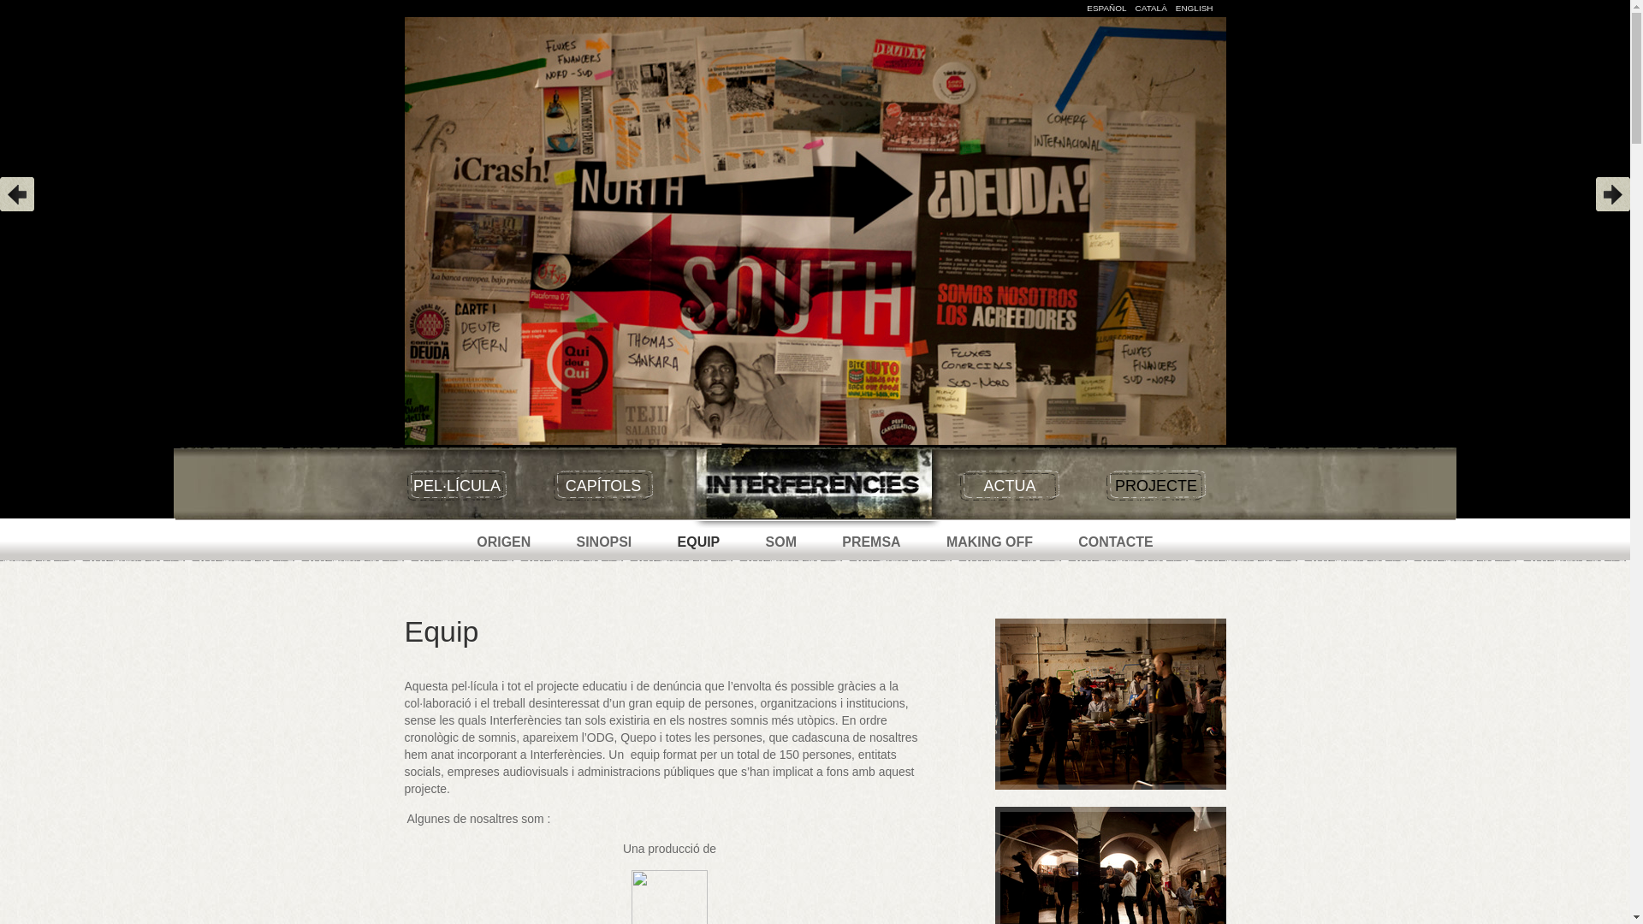  I want to click on 'EQUIP', so click(698, 542).